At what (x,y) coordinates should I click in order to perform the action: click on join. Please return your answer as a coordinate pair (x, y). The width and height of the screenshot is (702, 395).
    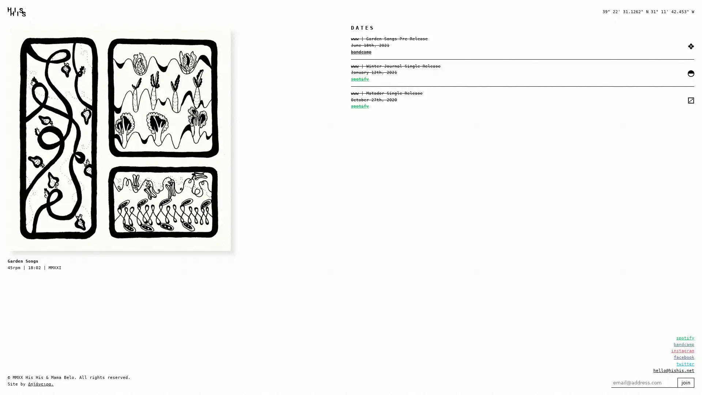
    Looking at the image, I should click on (649, 360).